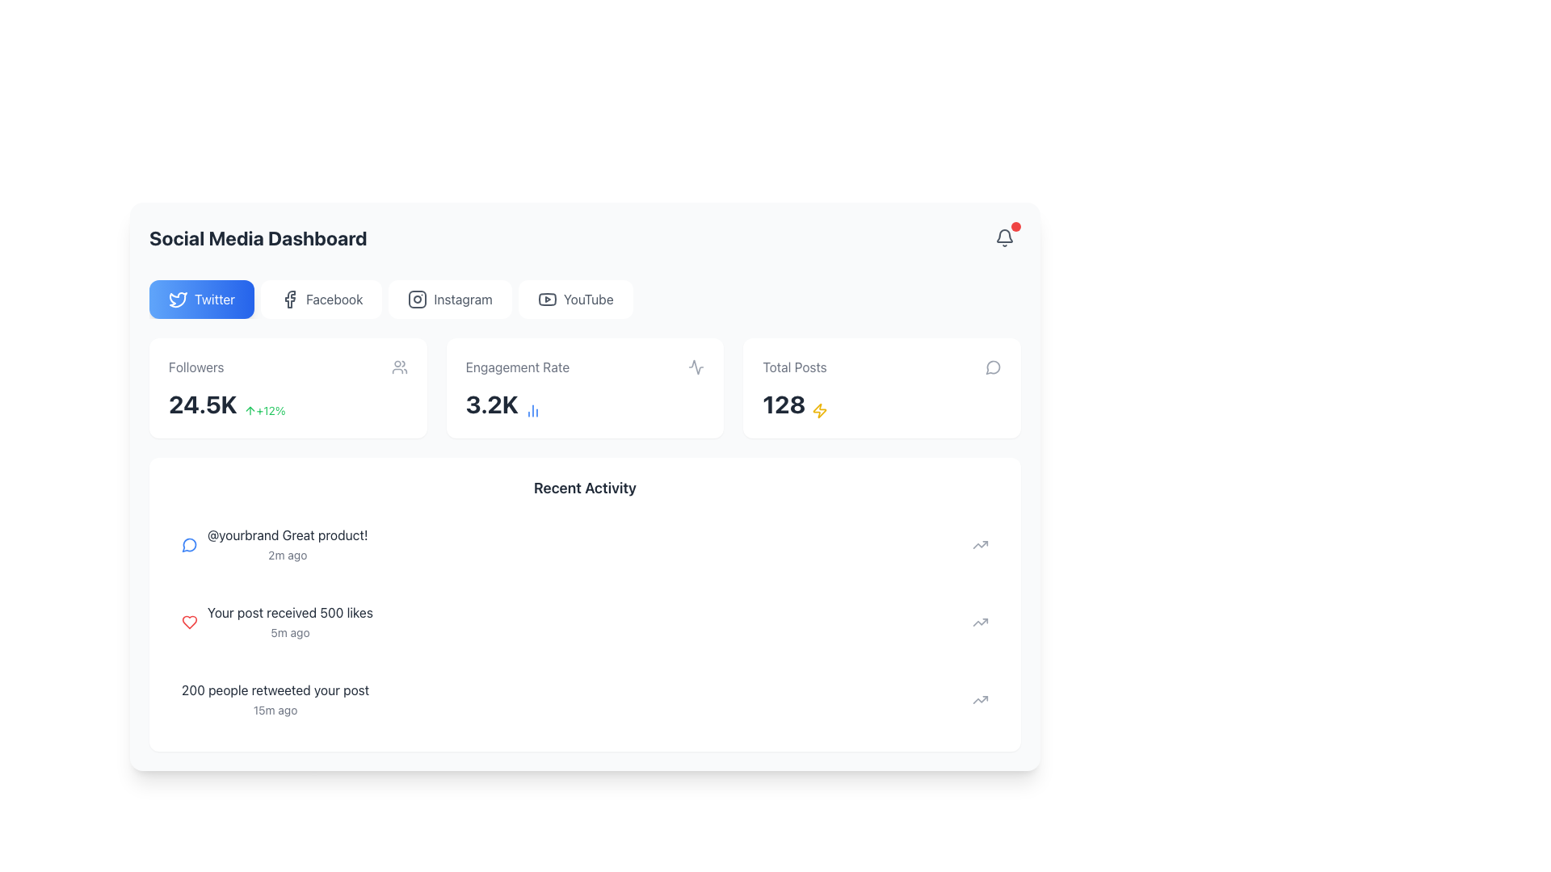  Describe the element at coordinates (517, 367) in the screenshot. I see `the 'Engagement Rate' text label, which is styled in gray and located above the numeric value of 3.2K within a card-like section in the middle of the display` at that location.